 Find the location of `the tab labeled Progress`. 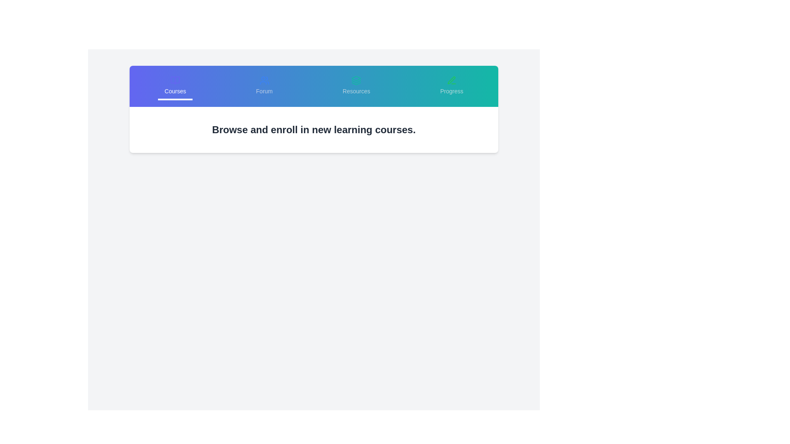

the tab labeled Progress is located at coordinates (451, 86).